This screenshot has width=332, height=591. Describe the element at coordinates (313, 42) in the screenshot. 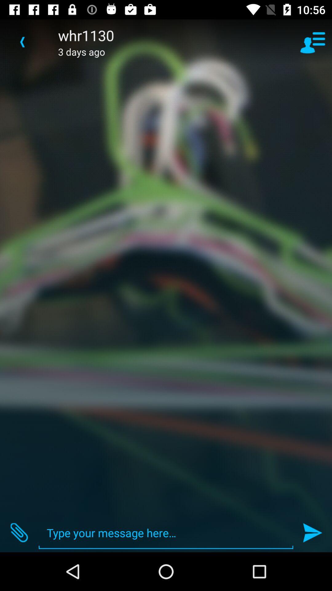

I see `icon next to the whr1130` at that location.